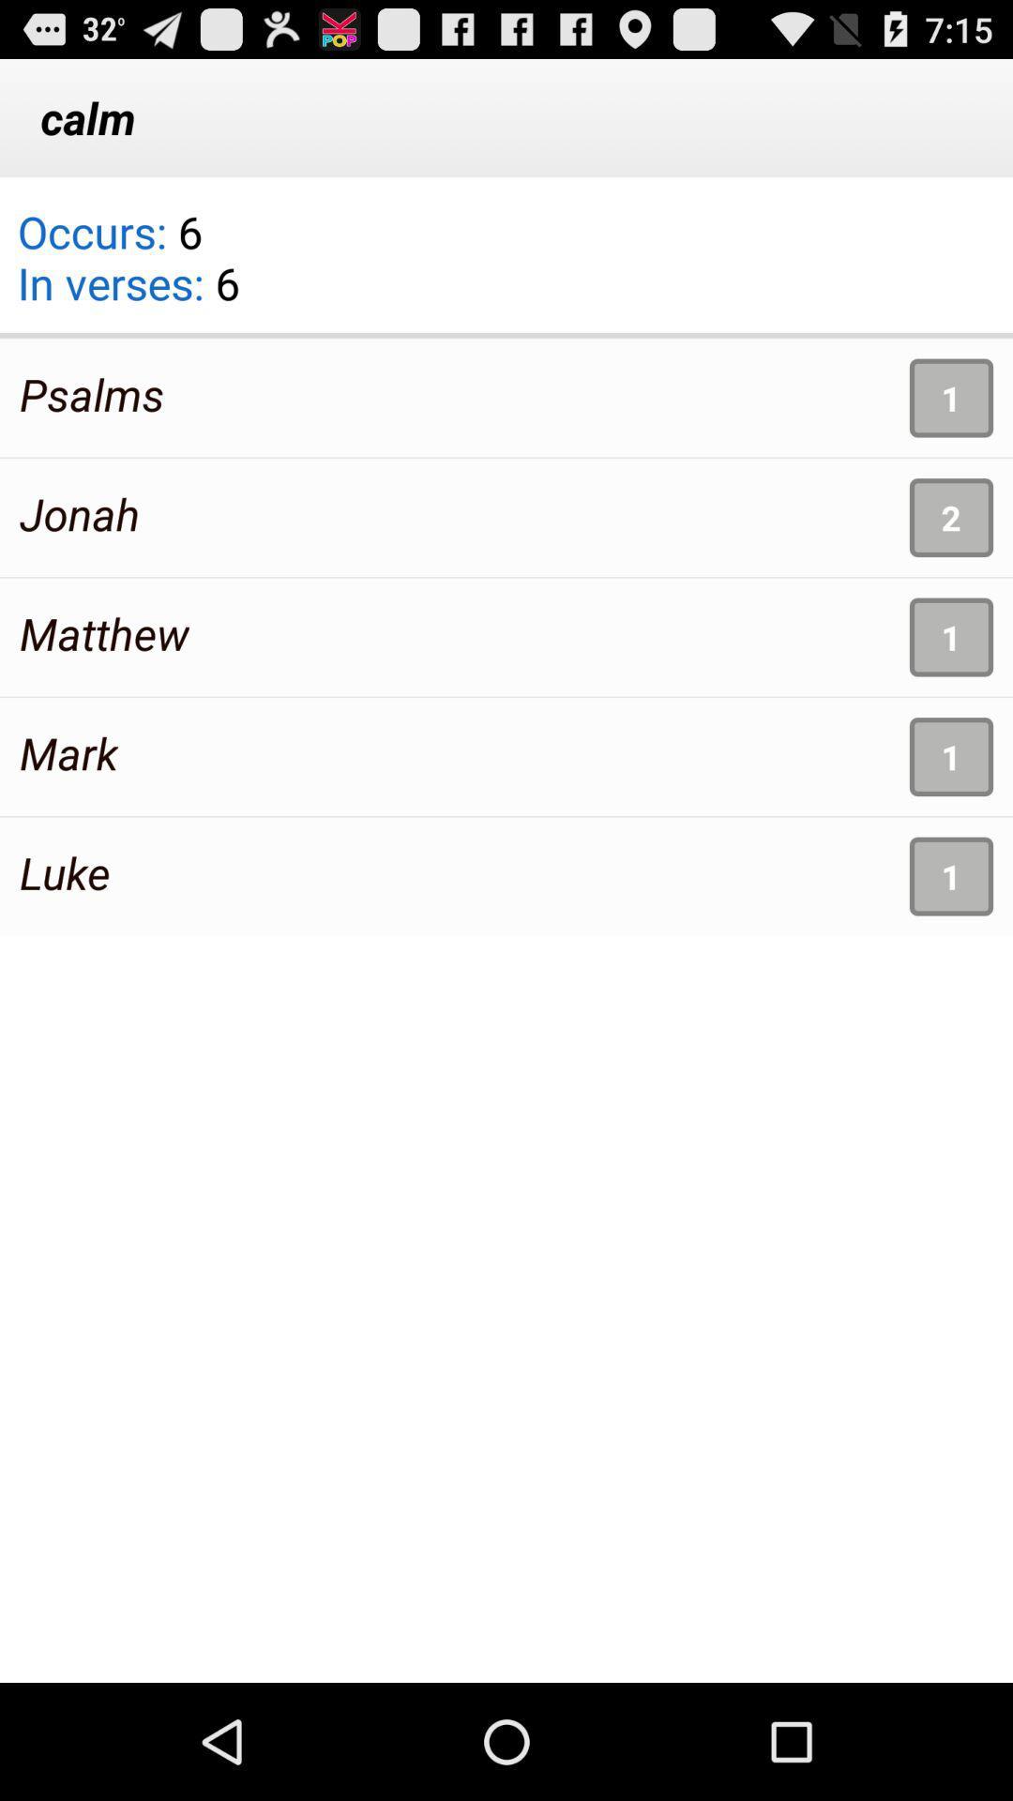  I want to click on icon next to the 1 icon, so click(104, 633).